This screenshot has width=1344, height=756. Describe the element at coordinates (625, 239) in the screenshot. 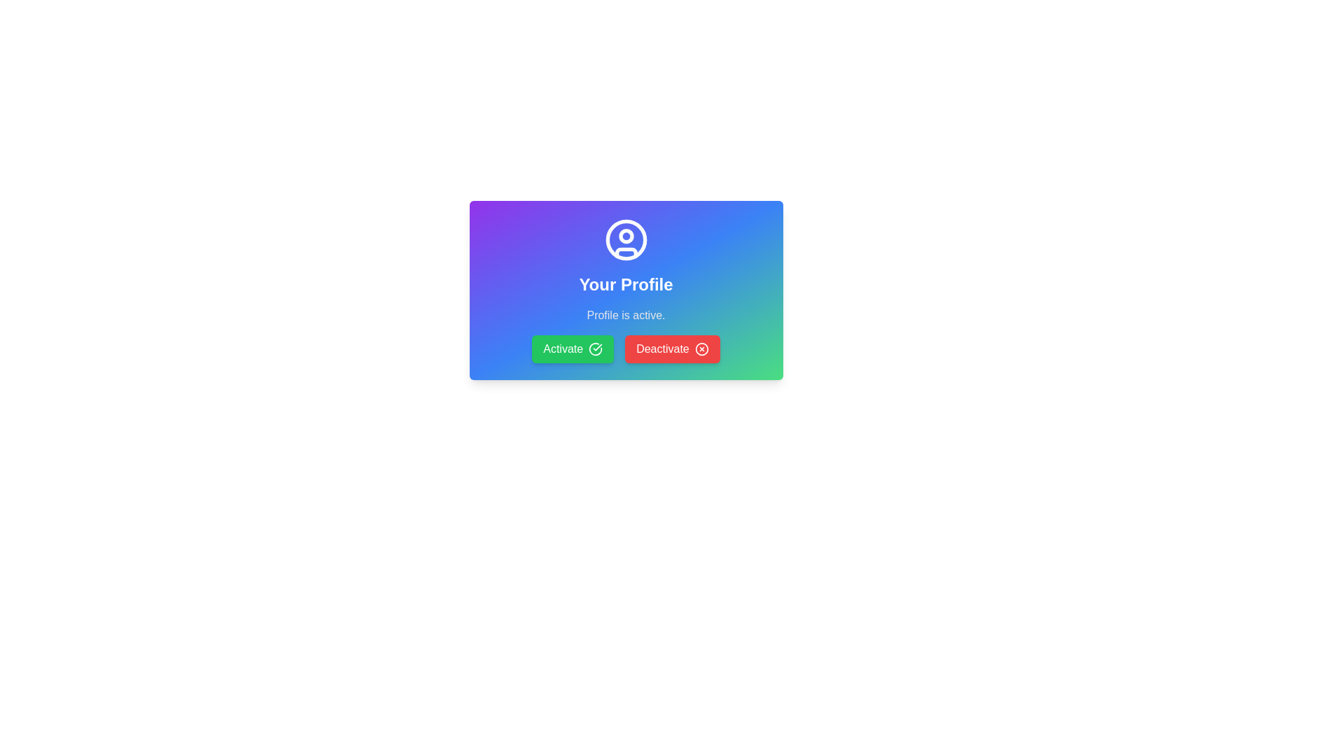

I see `the circular user profile icon with a white stroke on a gradient blue-purple background, located above the title 'Your Profile' in the card layout` at that location.